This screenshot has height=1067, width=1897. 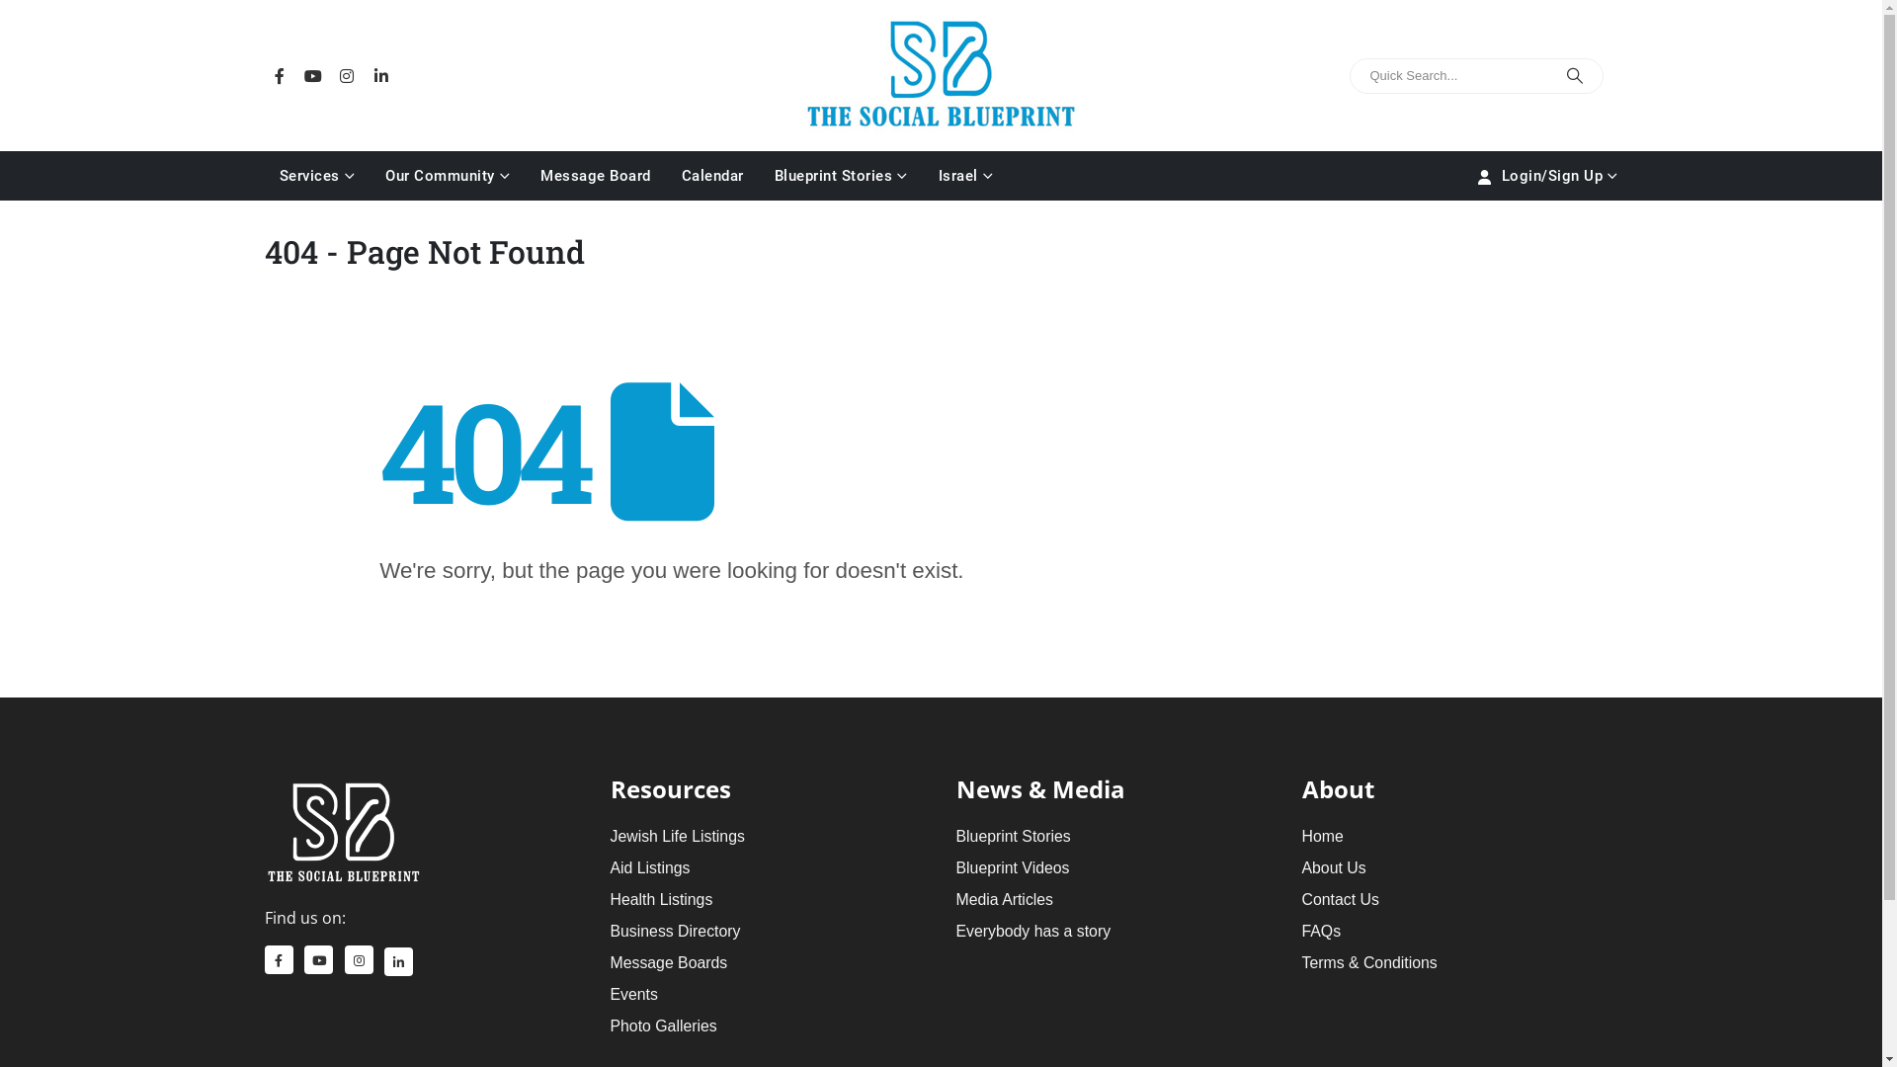 What do you see at coordinates (1334, 866) in the screenshot?
I see `'About Us'` at bounding box center [1334, 866].